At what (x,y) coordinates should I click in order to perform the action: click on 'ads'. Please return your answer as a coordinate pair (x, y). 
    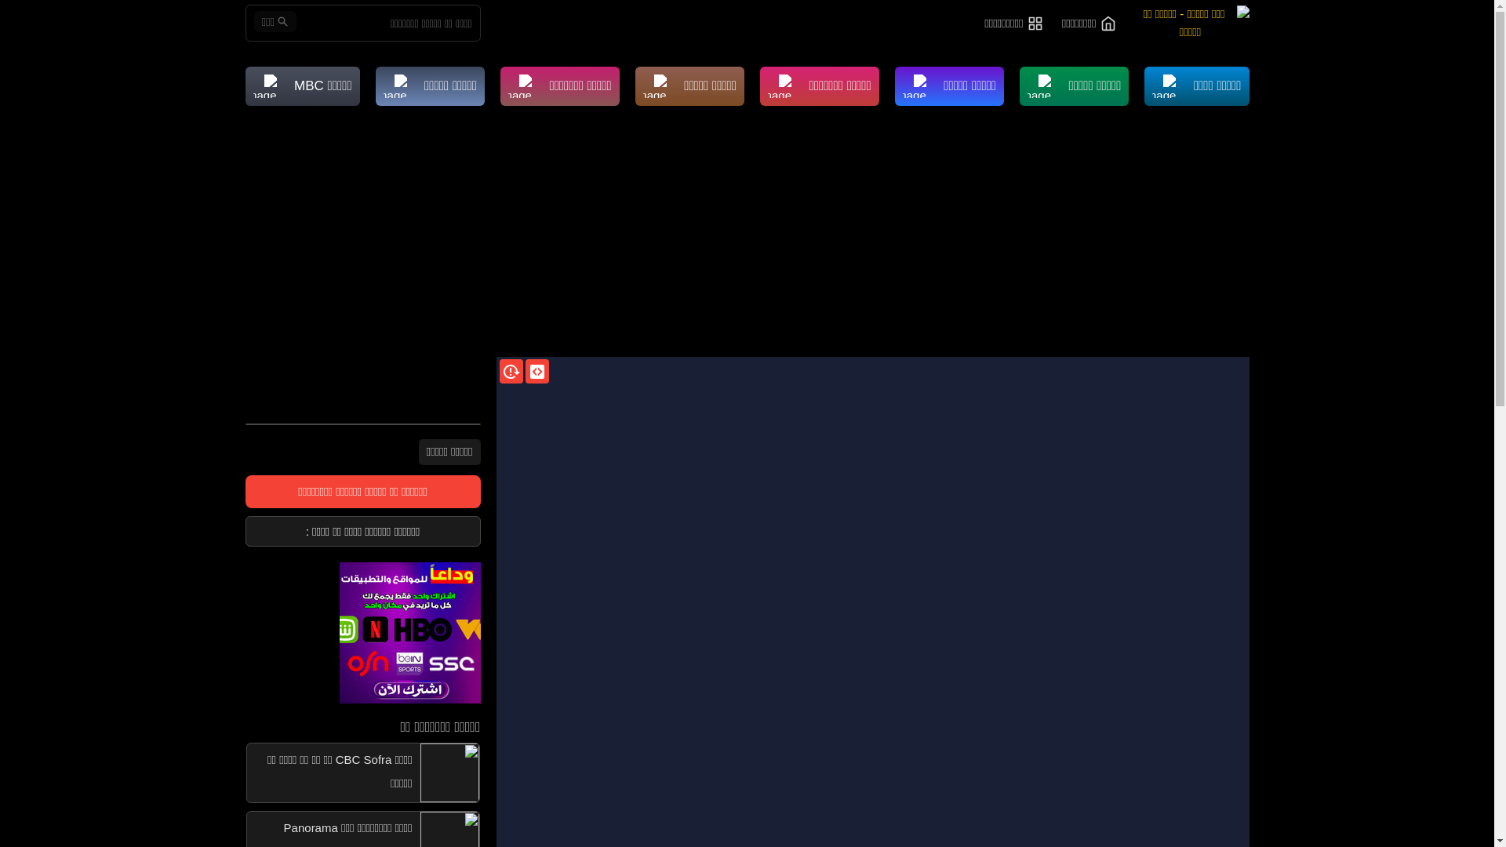
    Looking at the image, I should click on (361, 631).